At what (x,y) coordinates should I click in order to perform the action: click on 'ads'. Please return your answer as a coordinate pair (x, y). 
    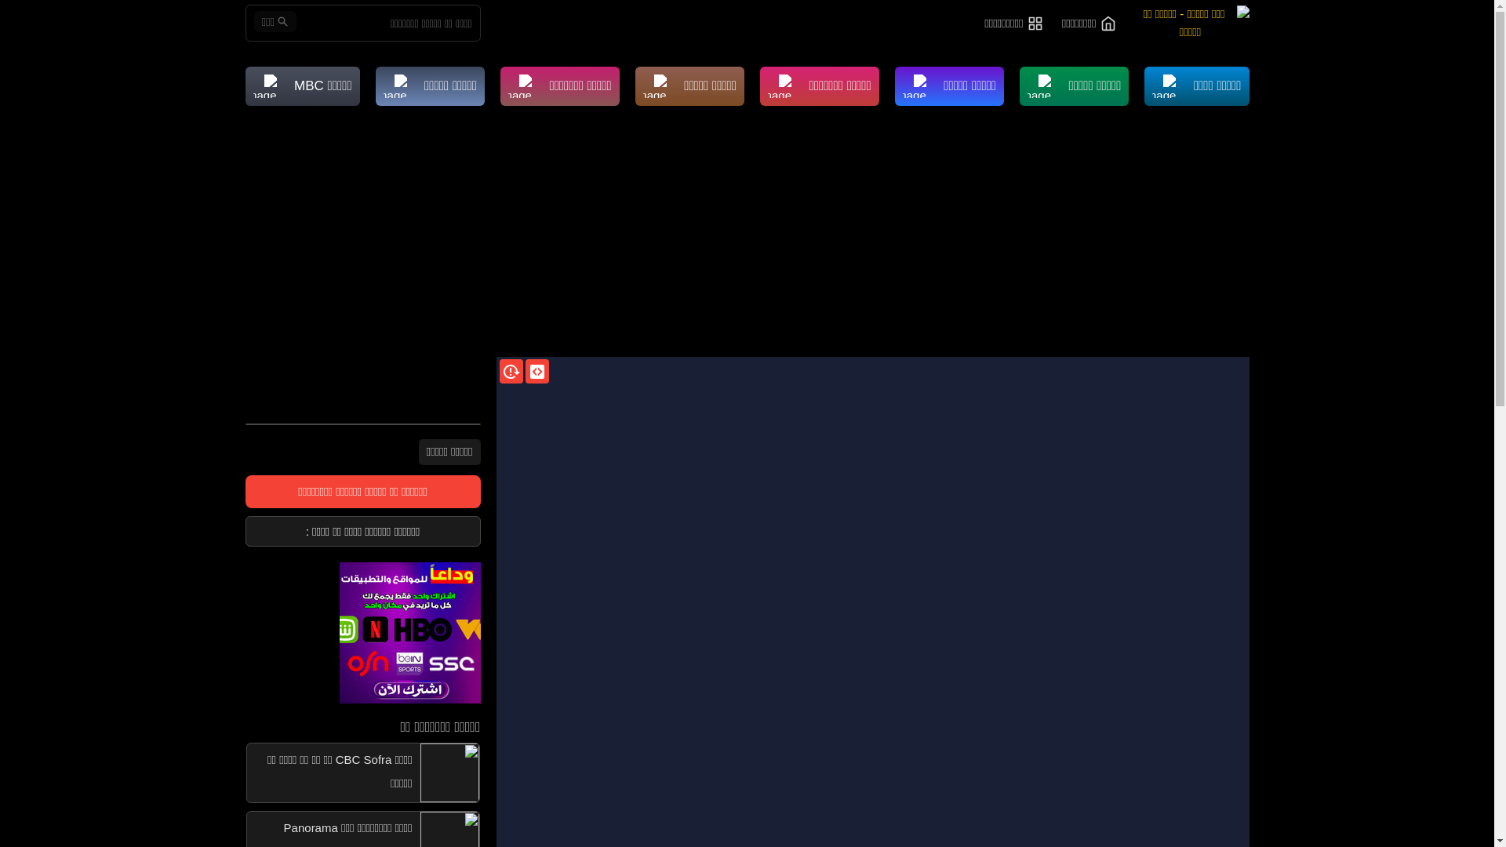
    Looking at the image, I should click on (361, 631).